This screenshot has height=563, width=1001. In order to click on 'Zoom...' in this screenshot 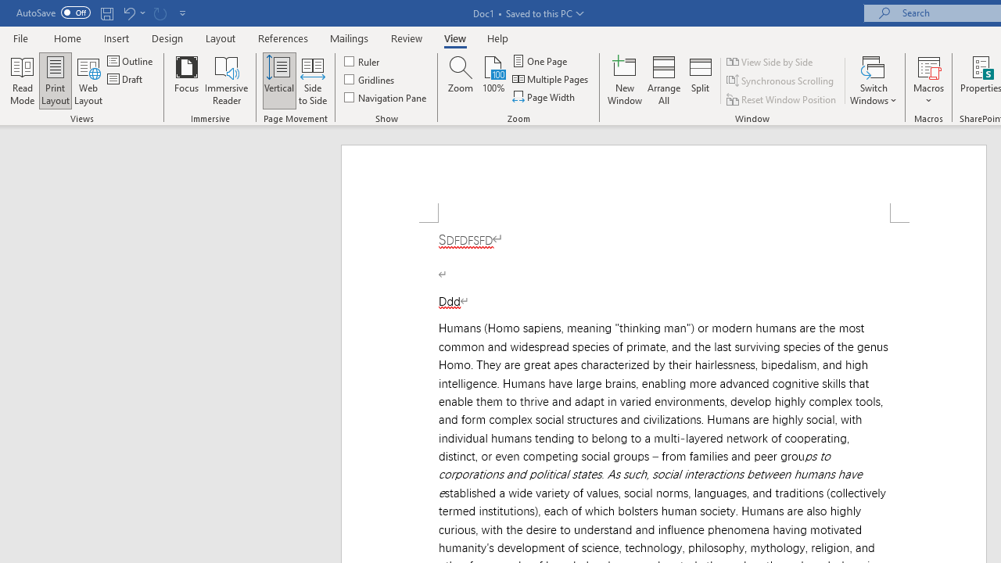, I will do `click(460, 81)`.